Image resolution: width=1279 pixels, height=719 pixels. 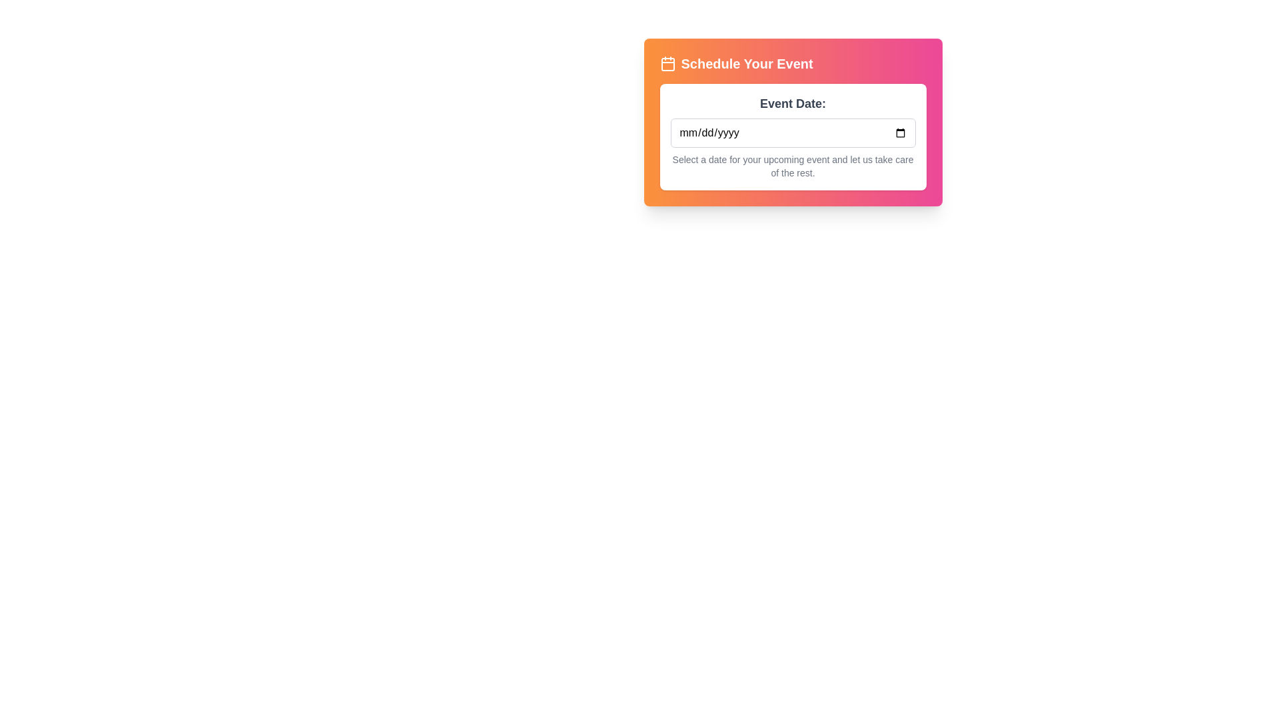 I want to click on text from the header indicating the scheduling section, which is located near the top-left corner of a rectangular section with a gradient background, so click(x=735, y=64).